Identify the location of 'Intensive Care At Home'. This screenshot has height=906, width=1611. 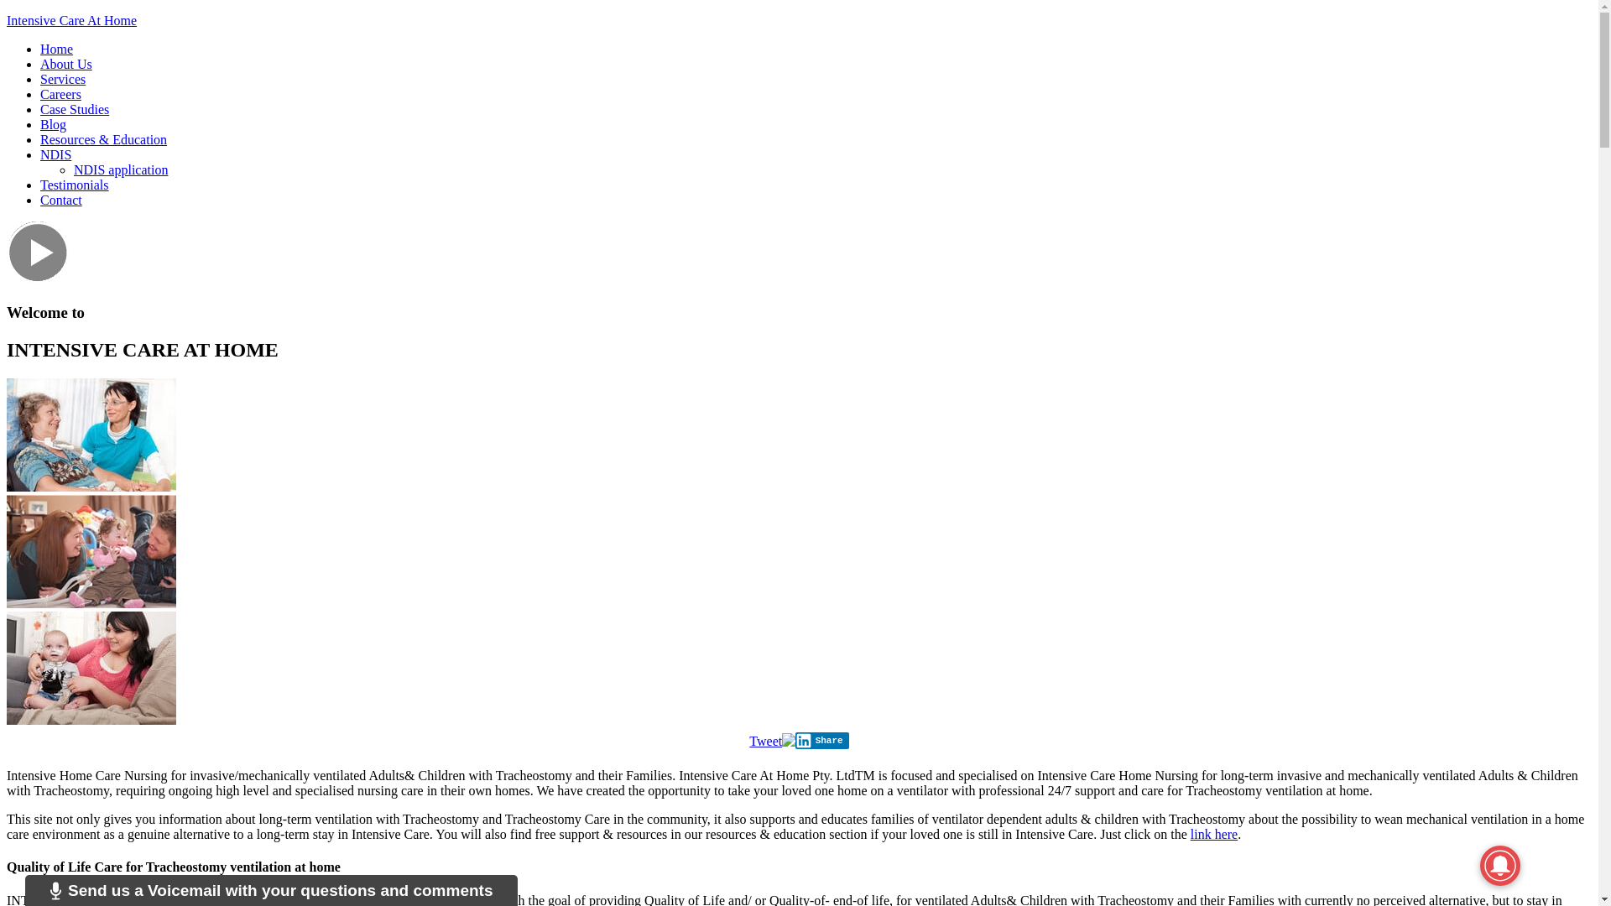
(70, 20).